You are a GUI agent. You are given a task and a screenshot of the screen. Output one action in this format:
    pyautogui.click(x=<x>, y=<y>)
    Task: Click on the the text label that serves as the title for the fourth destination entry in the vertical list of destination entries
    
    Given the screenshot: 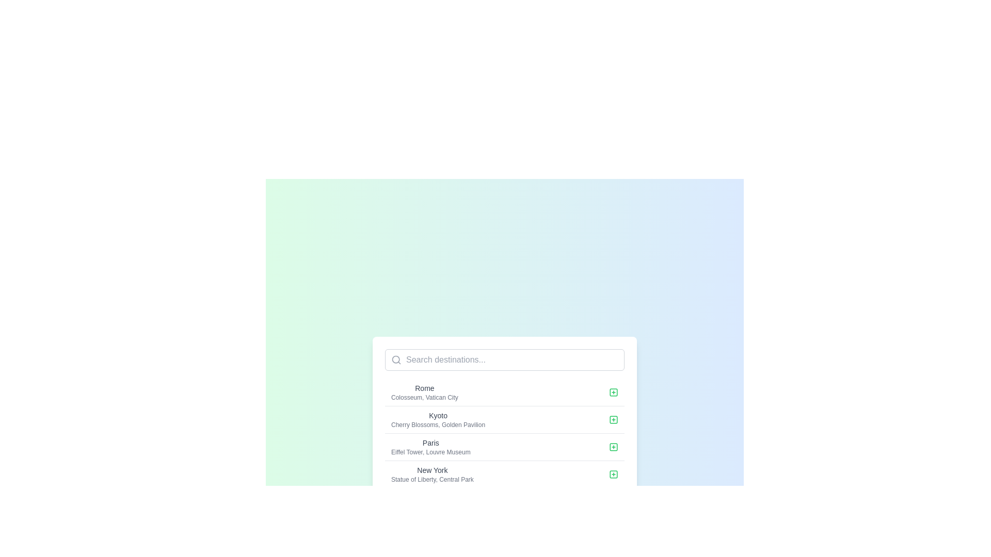 What is the action you would take?
    pyautogui.click(x=432, y=470)
    